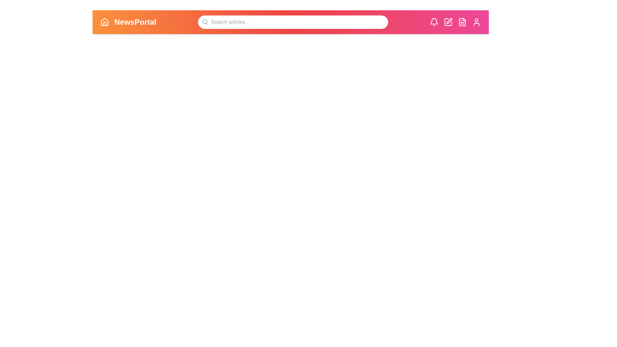 The image size is (617, 347). Describe the element at coordinates (434, 22) in the screenshot. I see `the 'Bell' icon to view notifications` at that location.